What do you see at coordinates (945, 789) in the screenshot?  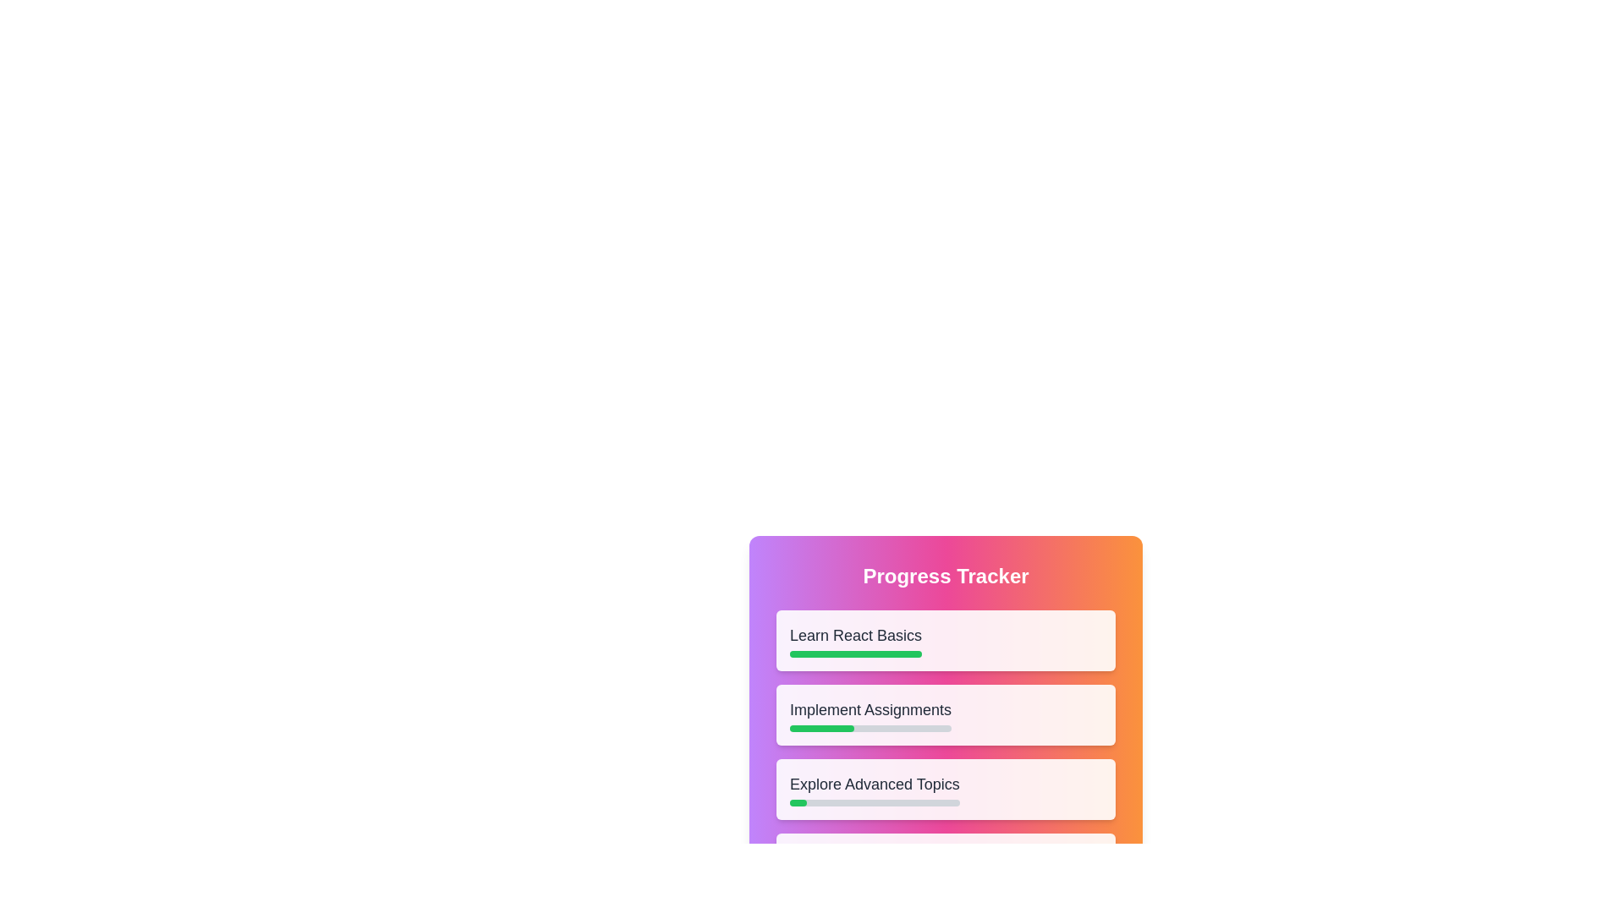 I see `the task Explore Advanced Topics to open the context menu` at bounding box center [945, 789].